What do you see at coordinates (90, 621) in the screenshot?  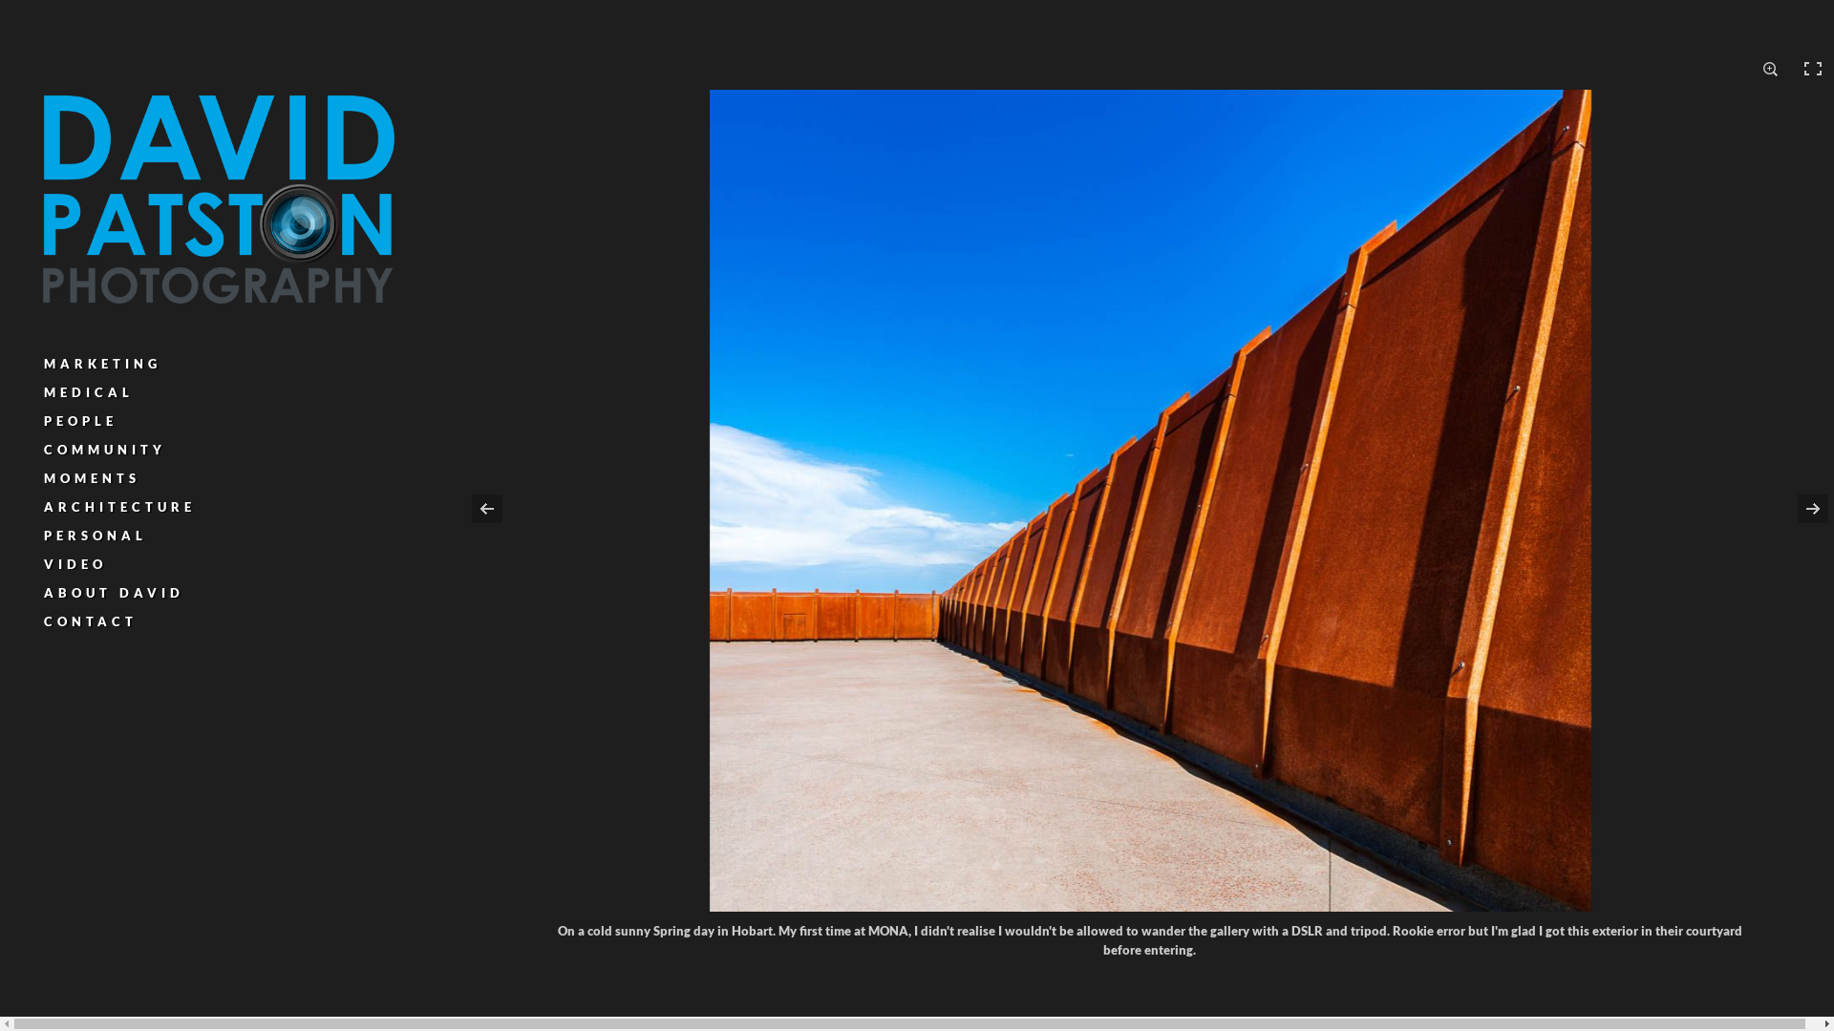 I see `'CONTACT'` at bounding box center [90, 621].